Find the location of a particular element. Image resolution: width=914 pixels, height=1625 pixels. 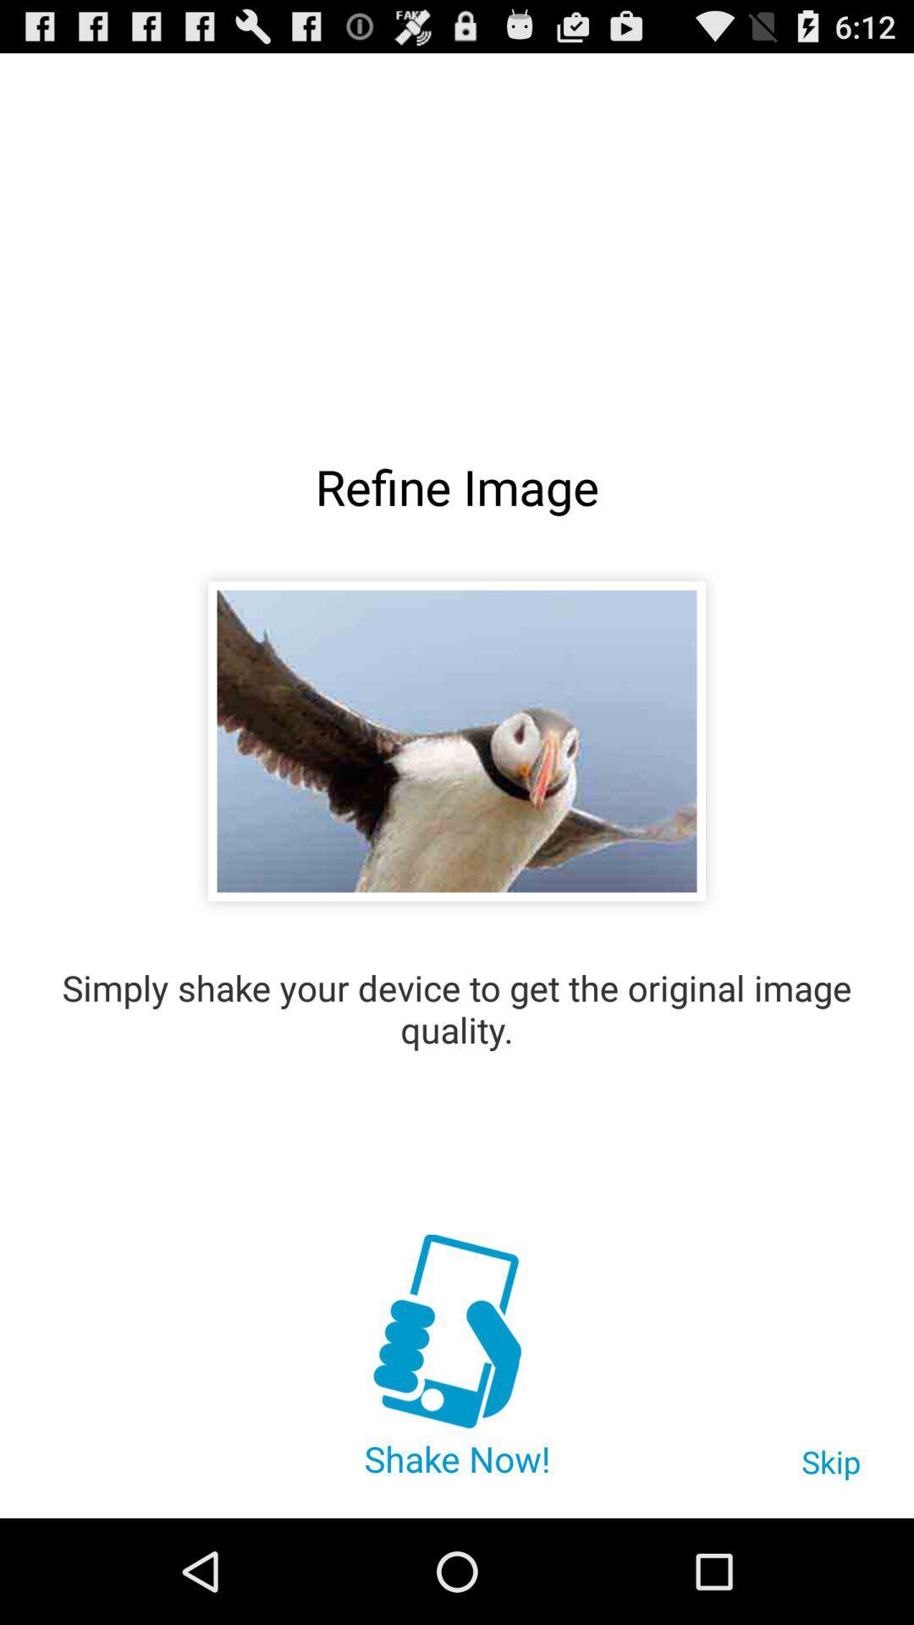

skip item is located at coordinates (830, 1469).